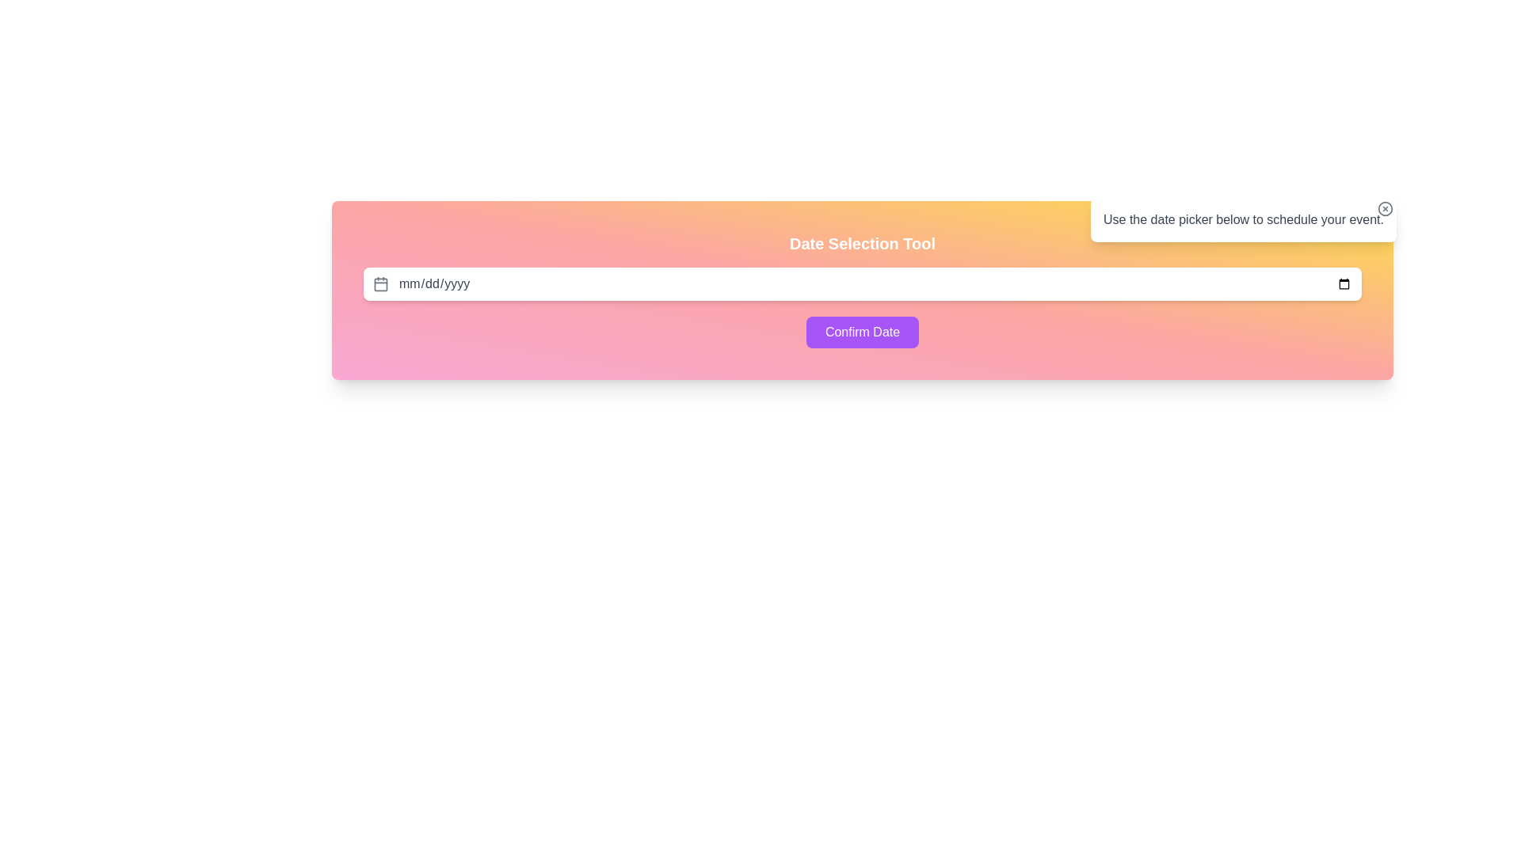  What do you see at coordinates (862, 283) in the screenshot?
I see `the Date Picker Input Field located in the center of the 'Date Selection Tool' area` at bounding box center [862, 283].